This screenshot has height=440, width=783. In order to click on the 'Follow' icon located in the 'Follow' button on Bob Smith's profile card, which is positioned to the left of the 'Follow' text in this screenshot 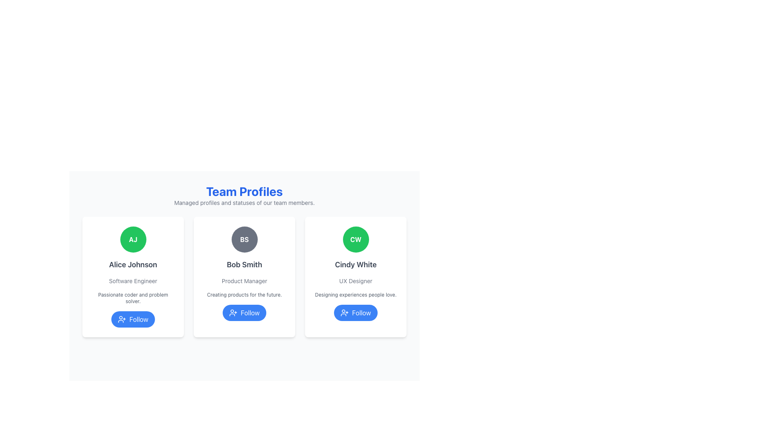, I will do `click(233, 312)`.